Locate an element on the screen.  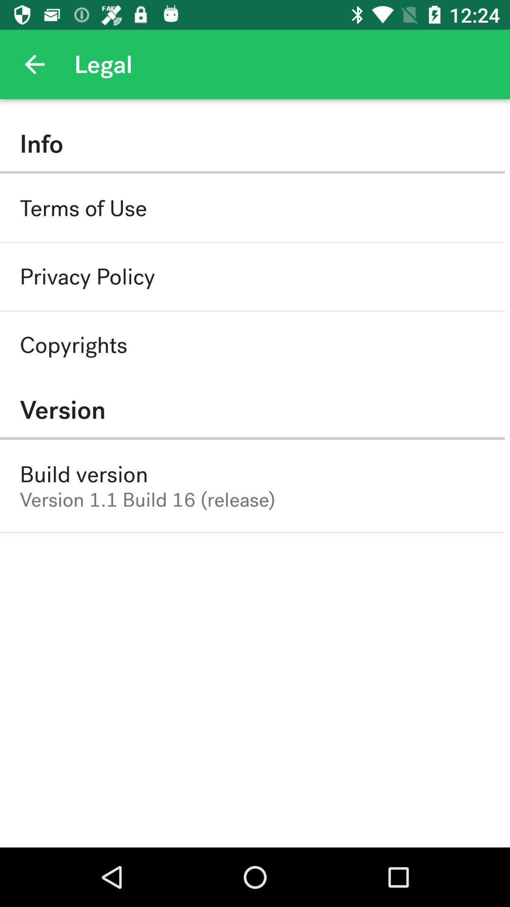
icon above the copyrights icon is located at coordinates (87, 276).